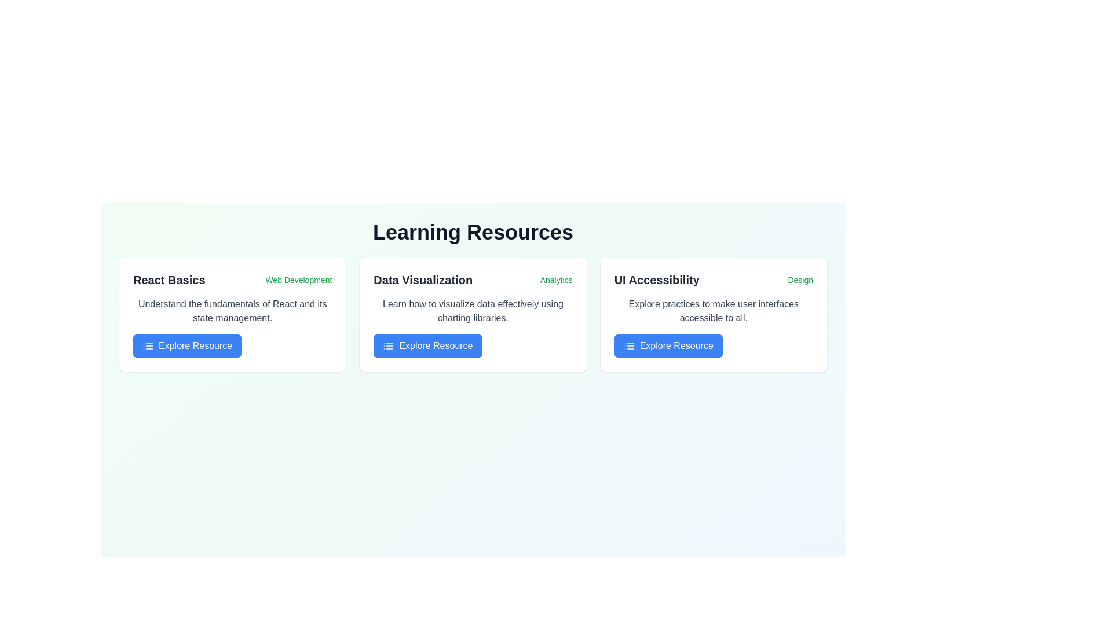 The height and width of the screenshot is (625, 1112). What do you see at coordinates (556, 280) in the screenshot?
I see `the 'Analytics' text label, which is styled in a small green font and located to the right of the 'Data Visualization' title in the second card of a three-card layout` at bounding box center [556, 280].